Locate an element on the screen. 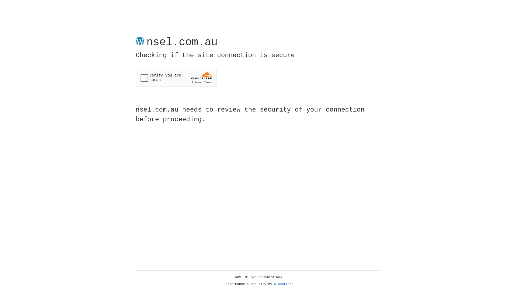 This screenshot has width=517, height=291. 'Cloudflare' is located at coordinates (284, 284).